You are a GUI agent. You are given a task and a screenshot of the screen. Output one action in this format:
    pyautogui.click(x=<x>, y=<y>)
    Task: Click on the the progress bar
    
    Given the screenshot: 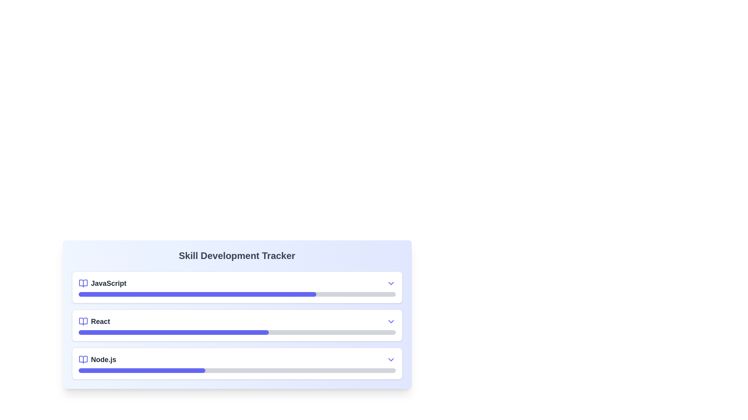 What is the action you would take?
    pyautogui.click(x=85, y=370)
    